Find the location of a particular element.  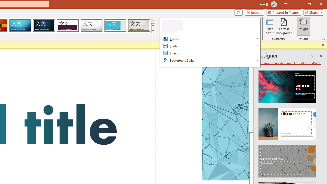

'Close this message' is located at coordinates (323, 45).